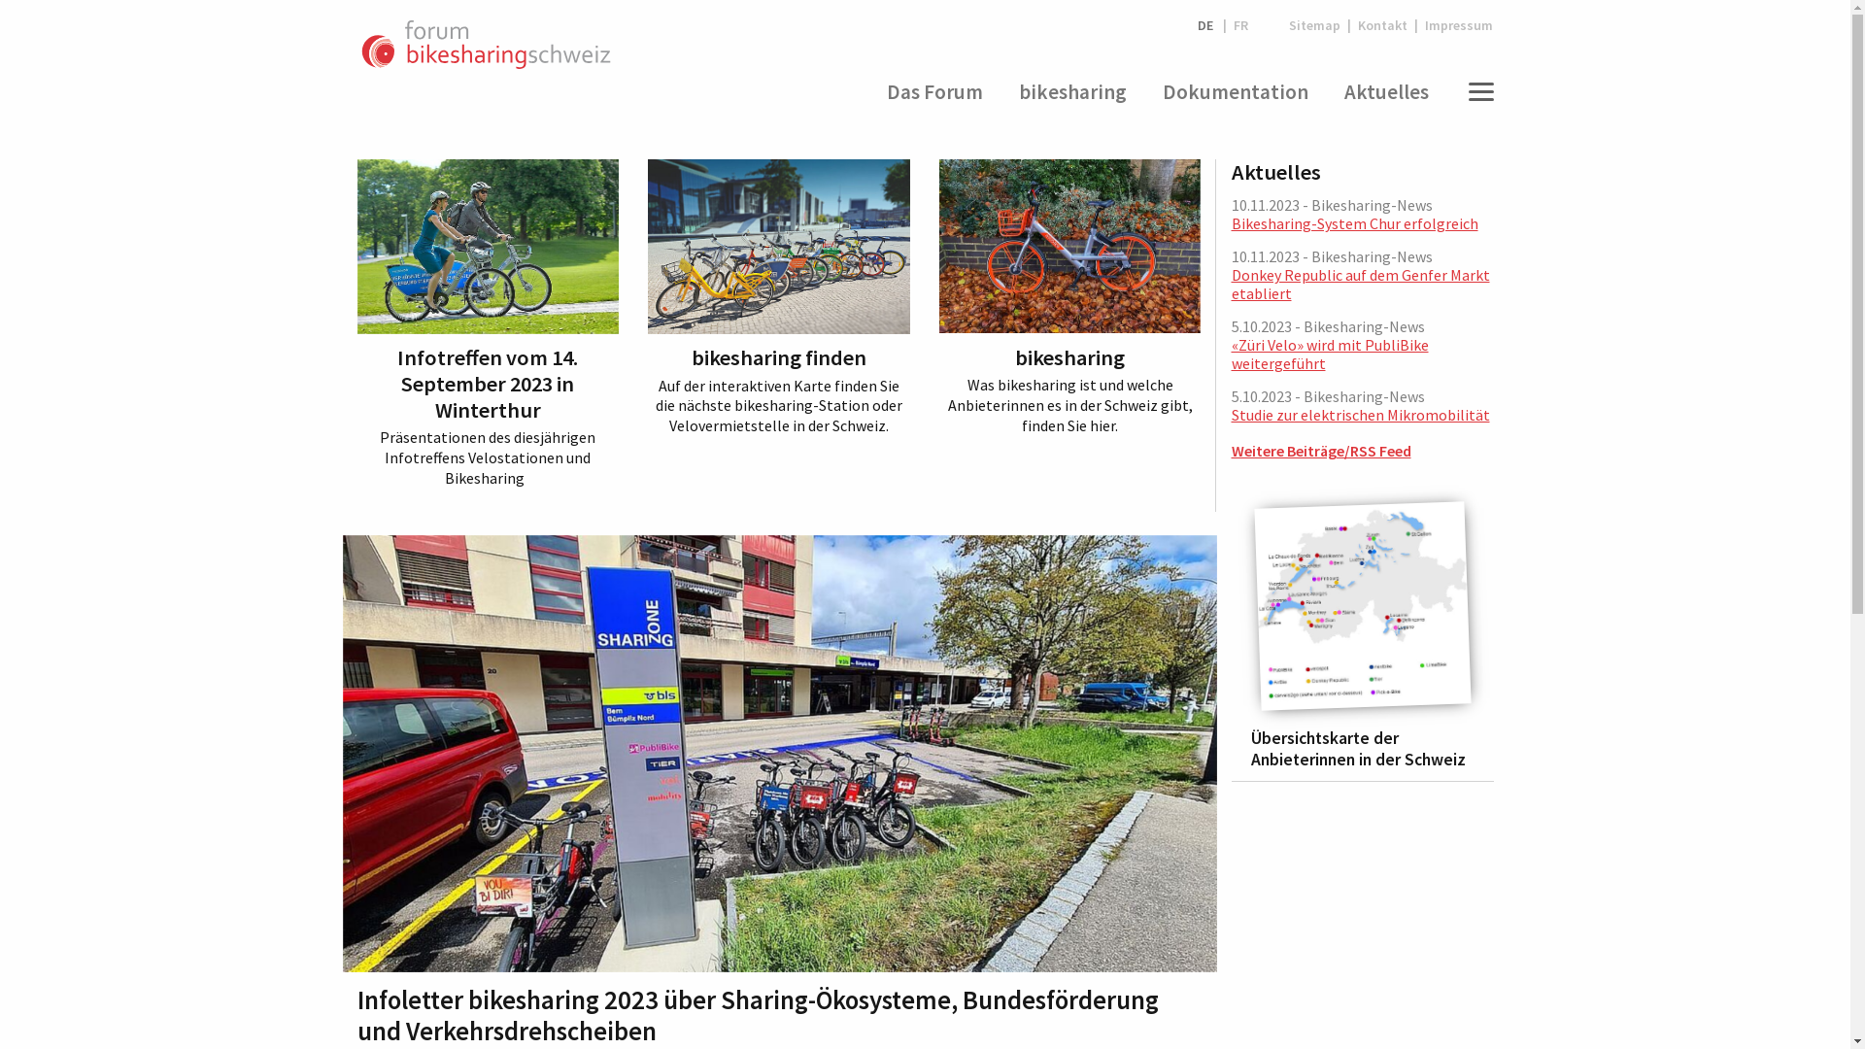 The image size is (1865, 1049). Describe the element at coordinates (1314, 25) in the screenshot. I see `'Sitemap'` at that location.